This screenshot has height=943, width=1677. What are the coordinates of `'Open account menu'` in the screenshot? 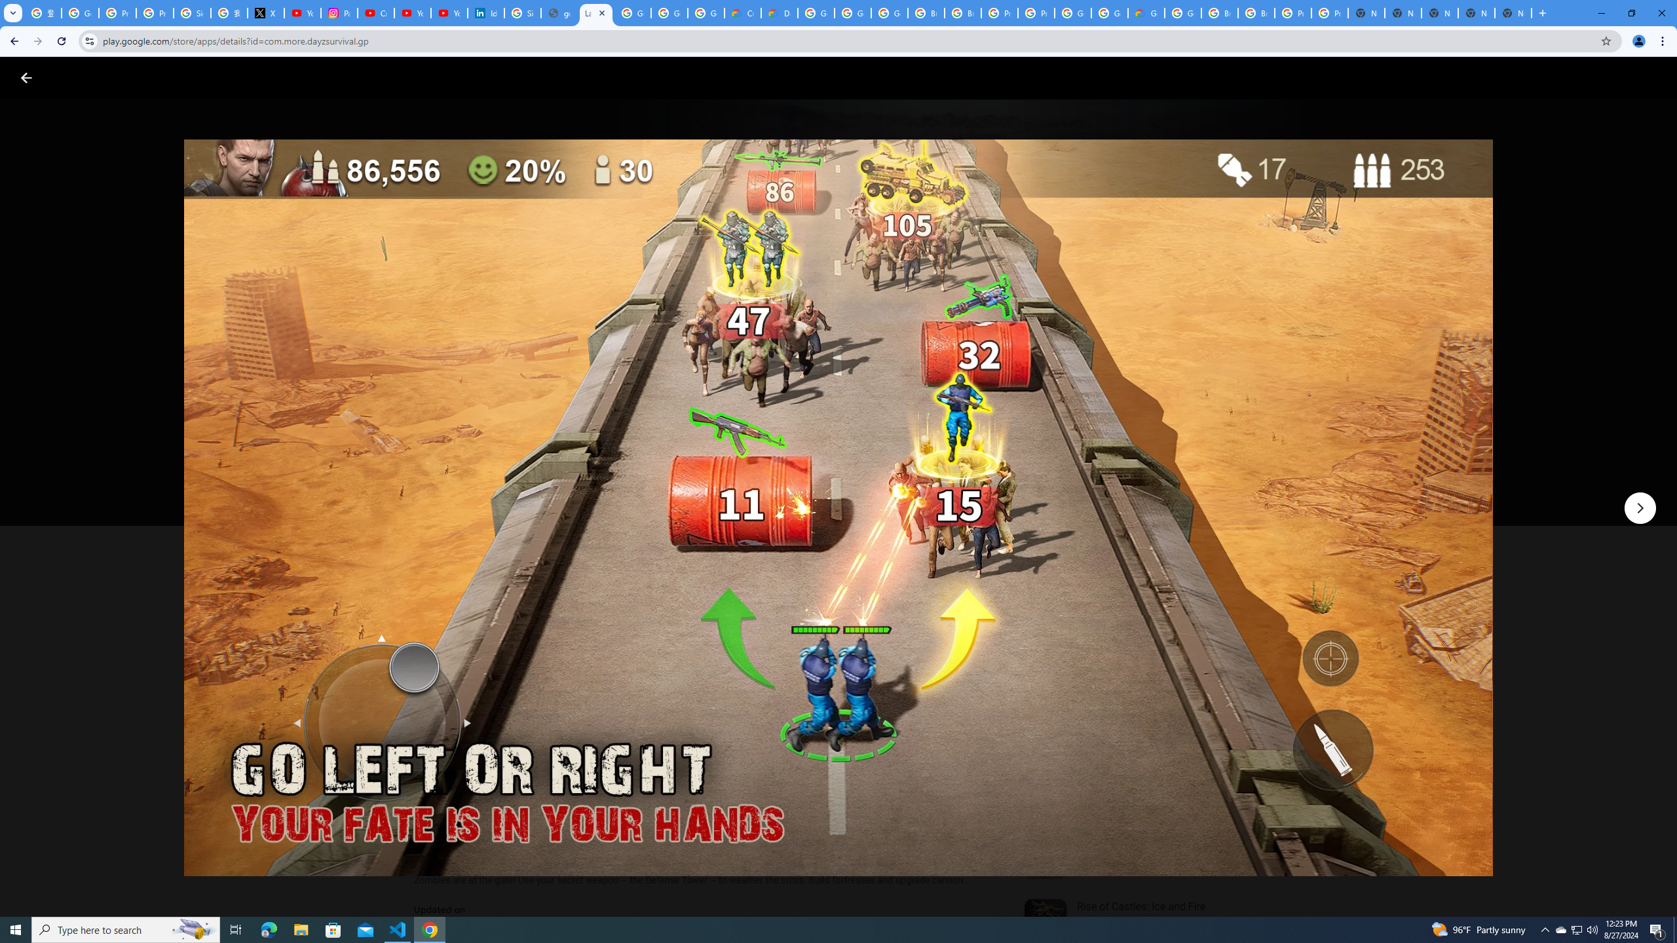 It's located at (1653, 77).